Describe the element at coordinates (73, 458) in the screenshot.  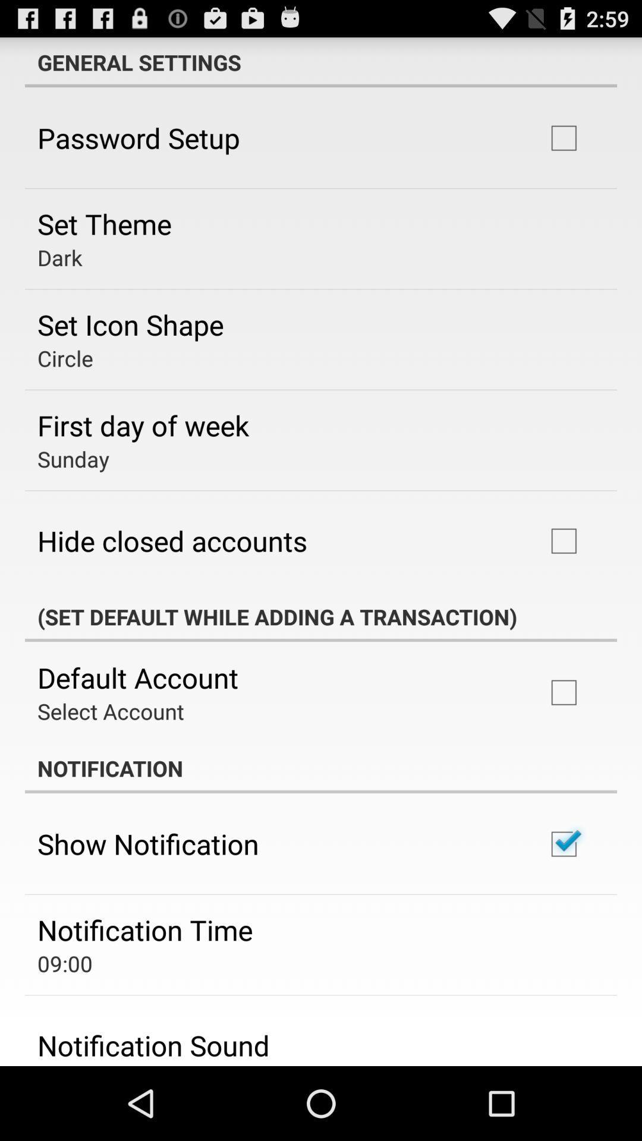
I see `the sunday icon` at that location.